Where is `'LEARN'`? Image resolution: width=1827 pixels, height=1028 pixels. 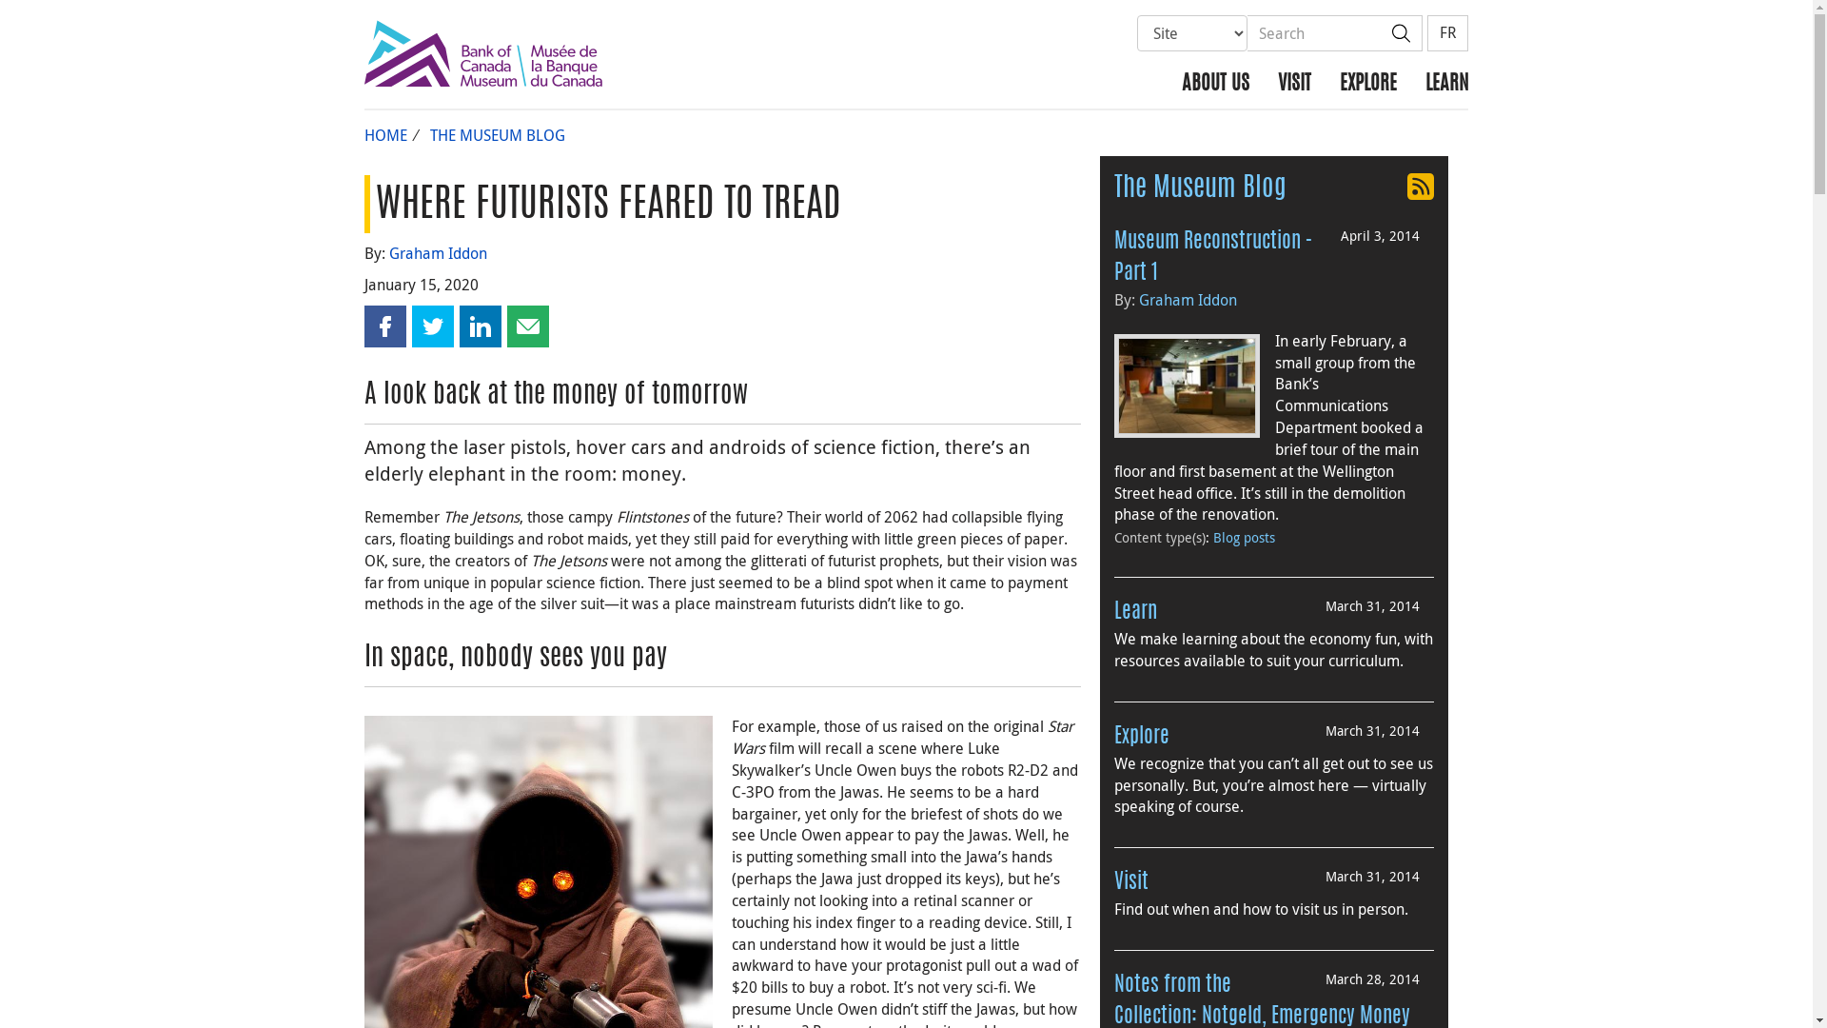 'LEARN' is located at coordinates (1439, 81).